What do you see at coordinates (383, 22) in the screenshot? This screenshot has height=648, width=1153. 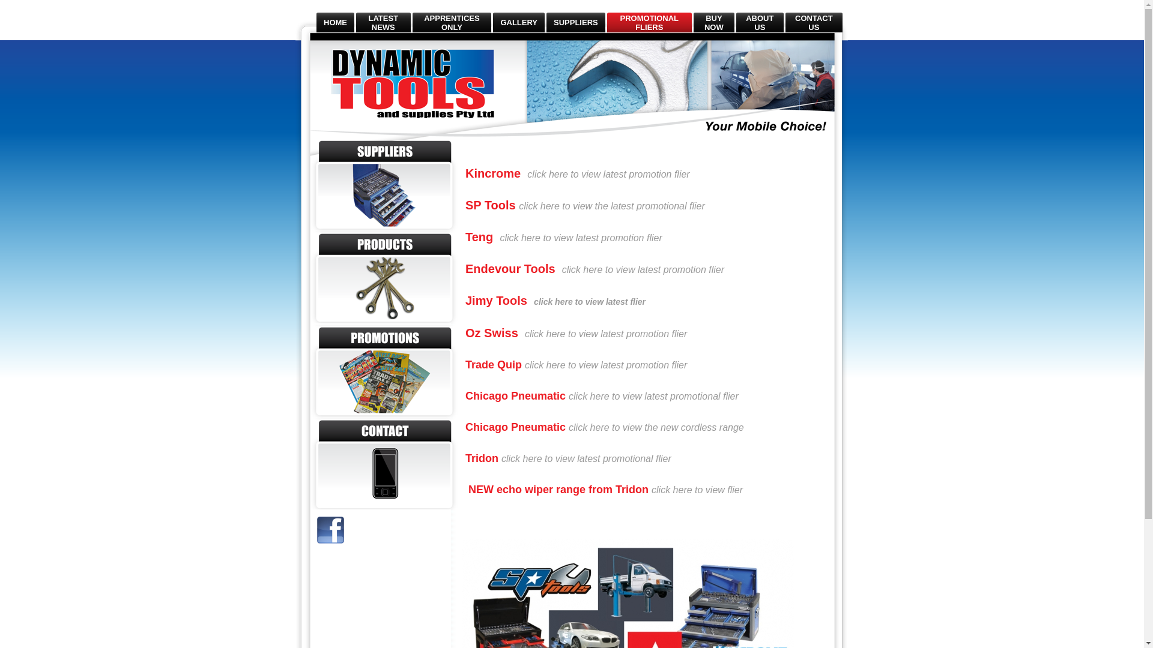 I see `'LATEST NEWS'` at bounding box center [383, 22].